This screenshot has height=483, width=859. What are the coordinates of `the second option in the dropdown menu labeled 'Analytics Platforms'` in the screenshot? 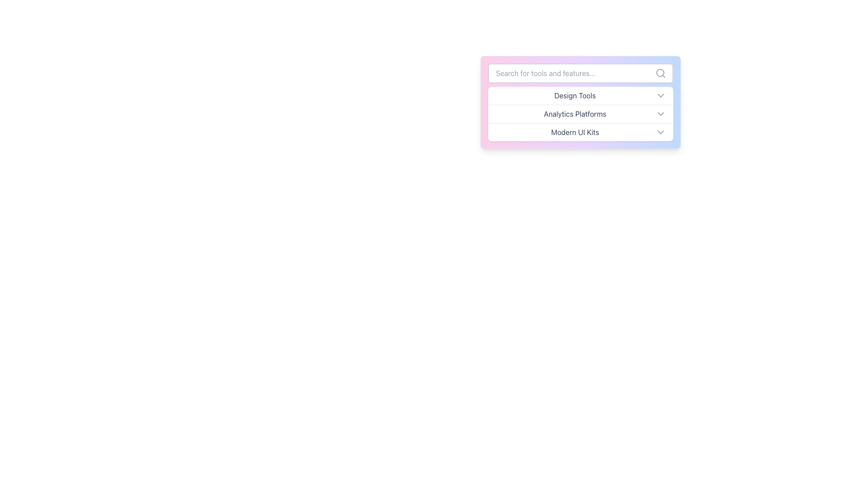 It's located at (580, 113).